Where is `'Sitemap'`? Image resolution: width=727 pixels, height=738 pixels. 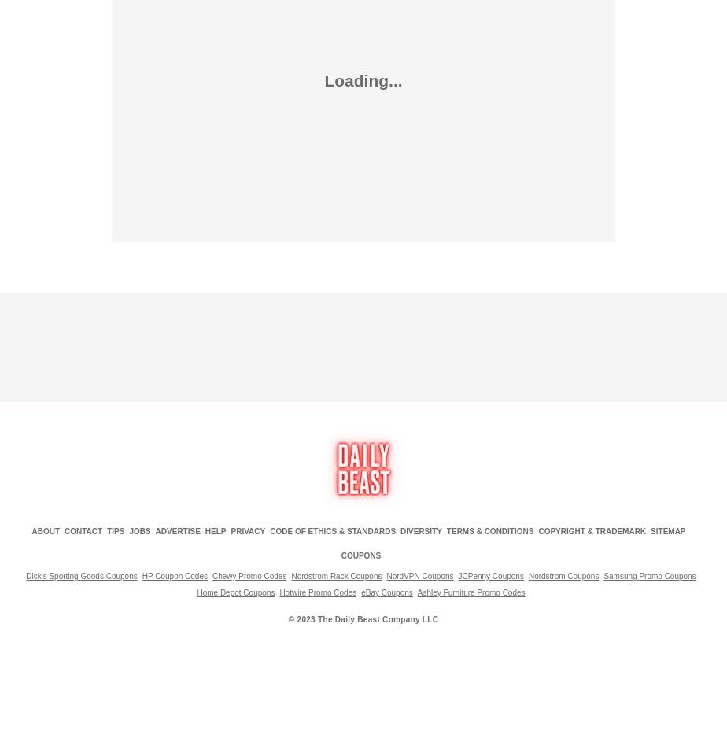
'Sitemap' is located at coordinates (667, 530).